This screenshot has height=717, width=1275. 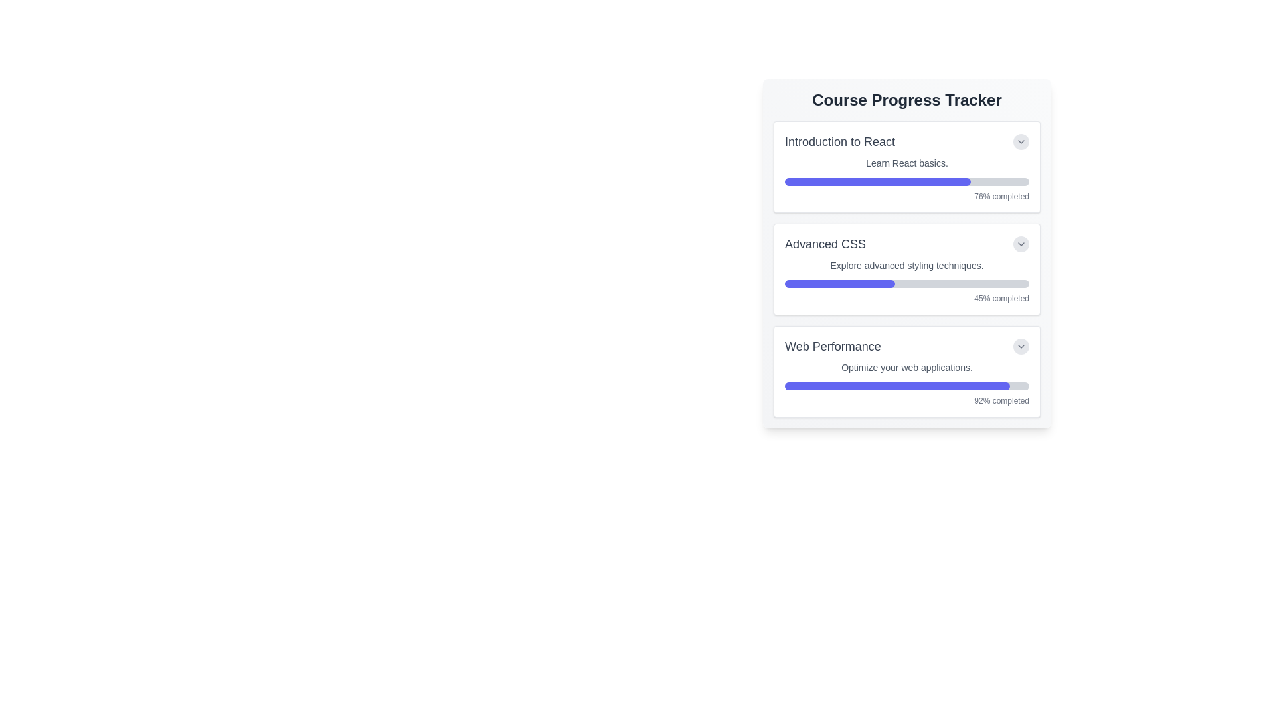 I want to click on the progress visually on the progress bar styled as a thin, horizontally rectangular component with rounded ends, located within the 'Introduction to React' card, below the text 'Learn React basics.', so click(x=906, y=181).